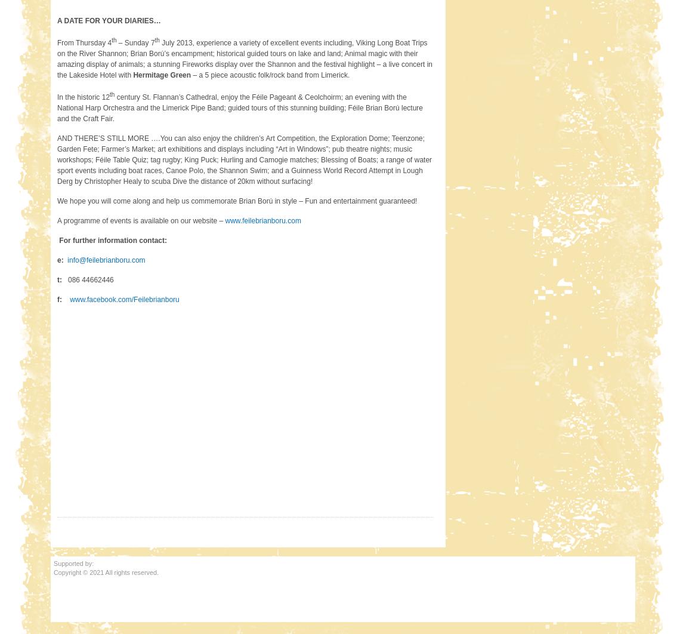 The image size is (680, 634). I want to click on 'From Thursday 4', so click(84, 42).